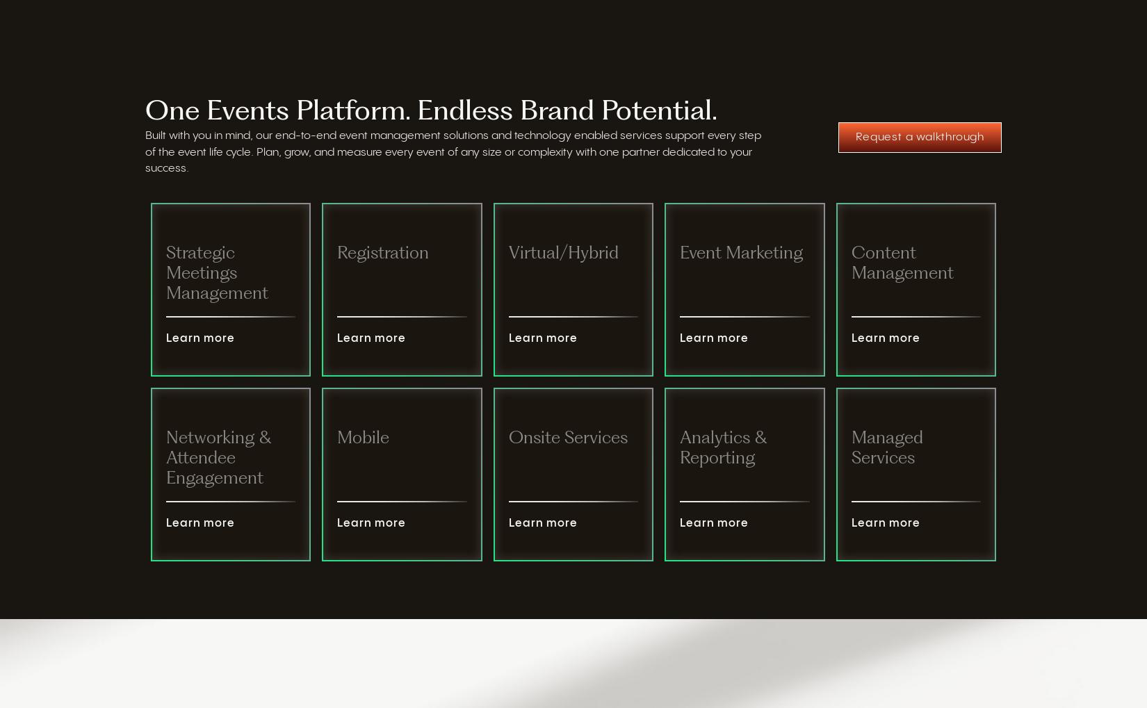 The height and width of the screenshot is (708, 1147). I want to click on 'Analytics & Reporting', so click(723, 448).